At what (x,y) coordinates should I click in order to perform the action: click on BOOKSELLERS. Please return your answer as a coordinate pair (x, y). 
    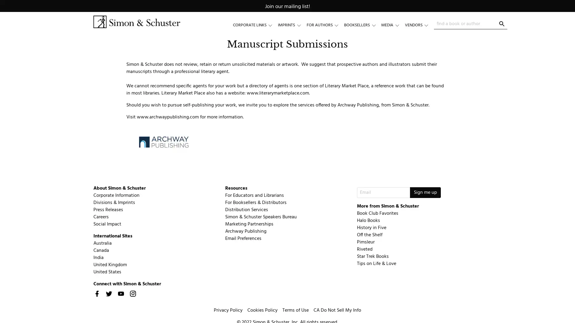
    Looking at the image, I should click on (362, 25).